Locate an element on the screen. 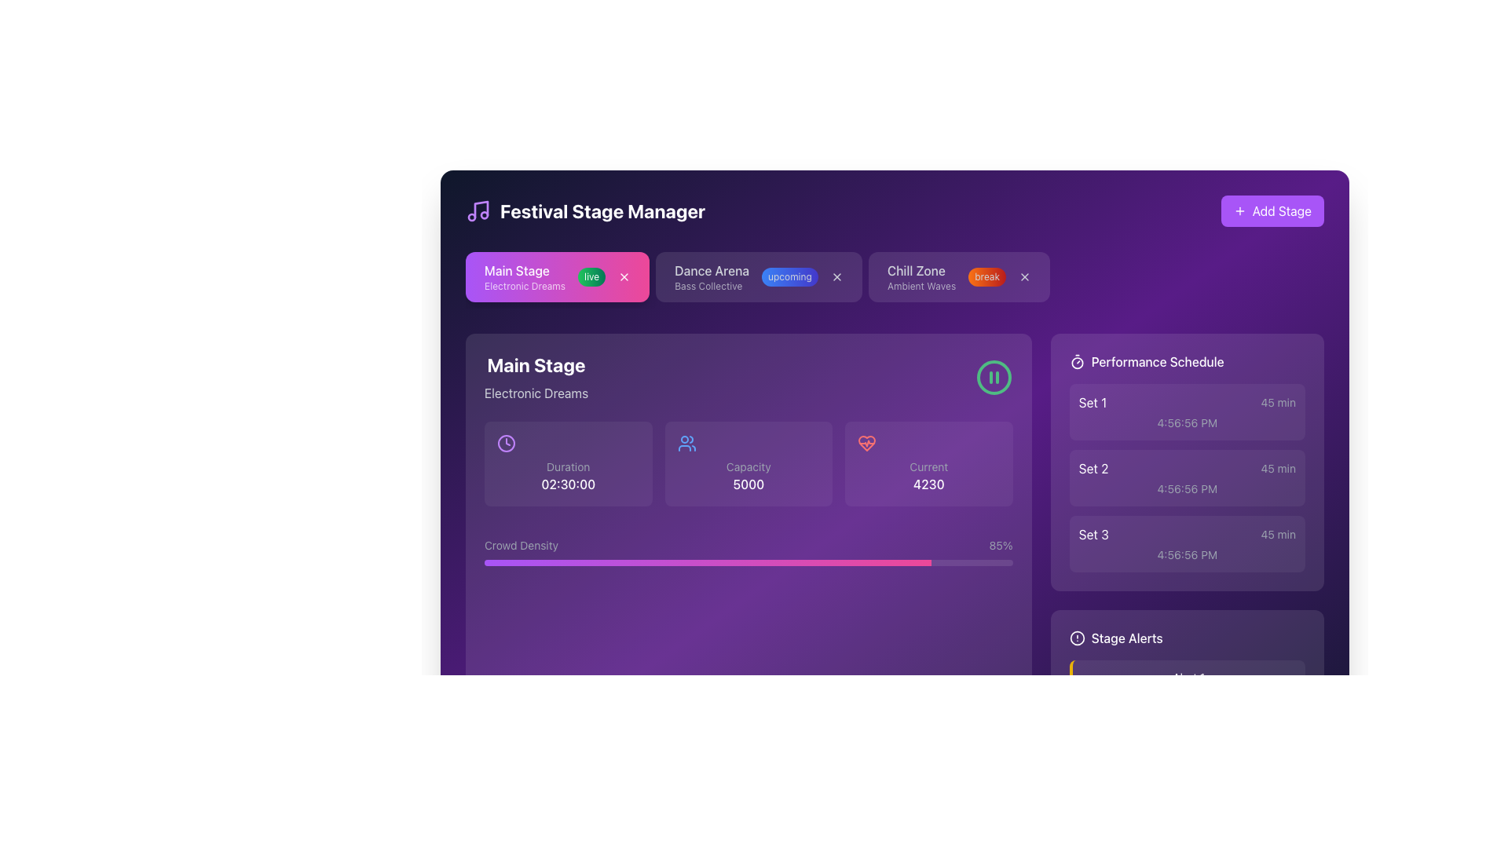 This screenshot has width=1508, height=848. the text label displaying '02:30:00' which indicates the duration in a purple section of the interface is located at coordinates (567, 484).